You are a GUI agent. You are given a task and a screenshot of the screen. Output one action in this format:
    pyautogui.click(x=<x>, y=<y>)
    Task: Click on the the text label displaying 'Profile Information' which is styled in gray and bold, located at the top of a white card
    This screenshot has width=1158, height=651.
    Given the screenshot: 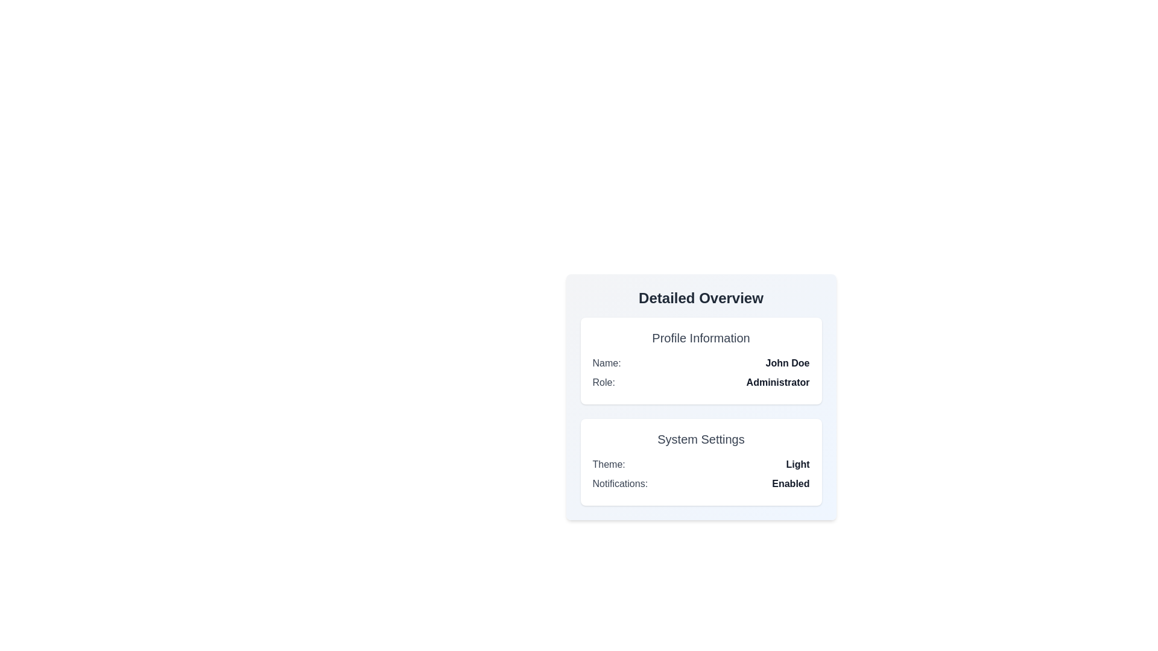 What is the action you would take?
    pyautogui.click(x=701, y=338)
    